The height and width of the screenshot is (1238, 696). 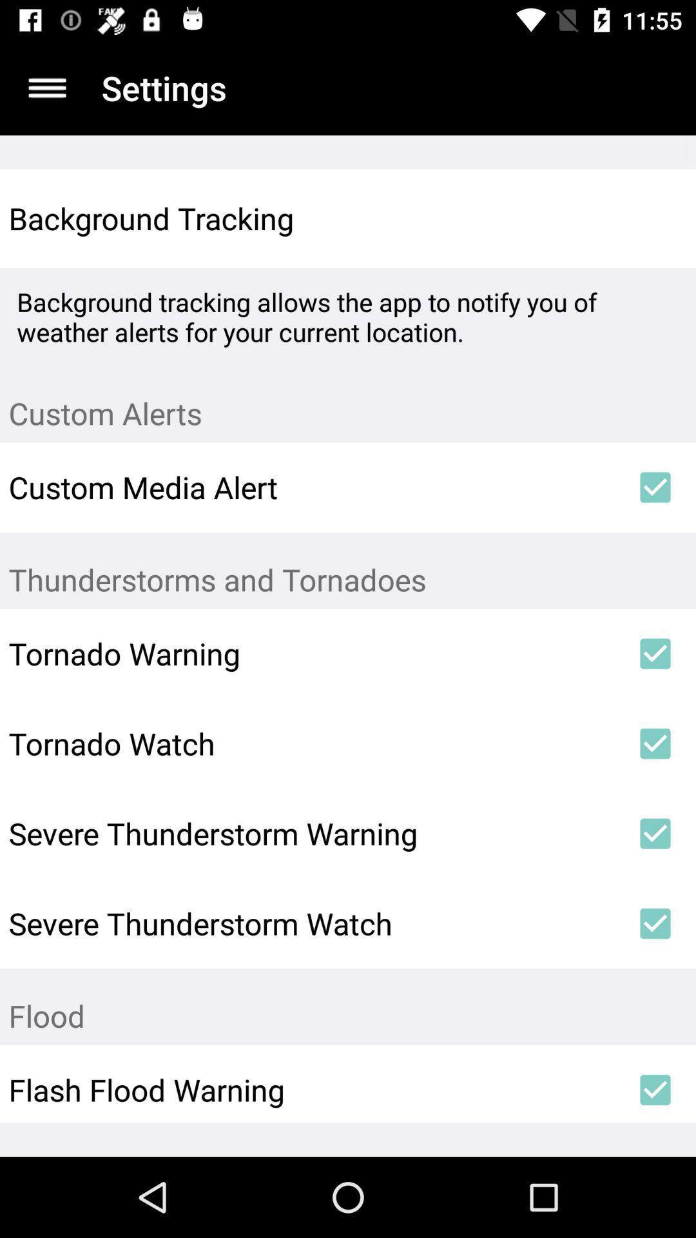 I want to click on the flash flood warning icon, so click(x=311, y=1089).